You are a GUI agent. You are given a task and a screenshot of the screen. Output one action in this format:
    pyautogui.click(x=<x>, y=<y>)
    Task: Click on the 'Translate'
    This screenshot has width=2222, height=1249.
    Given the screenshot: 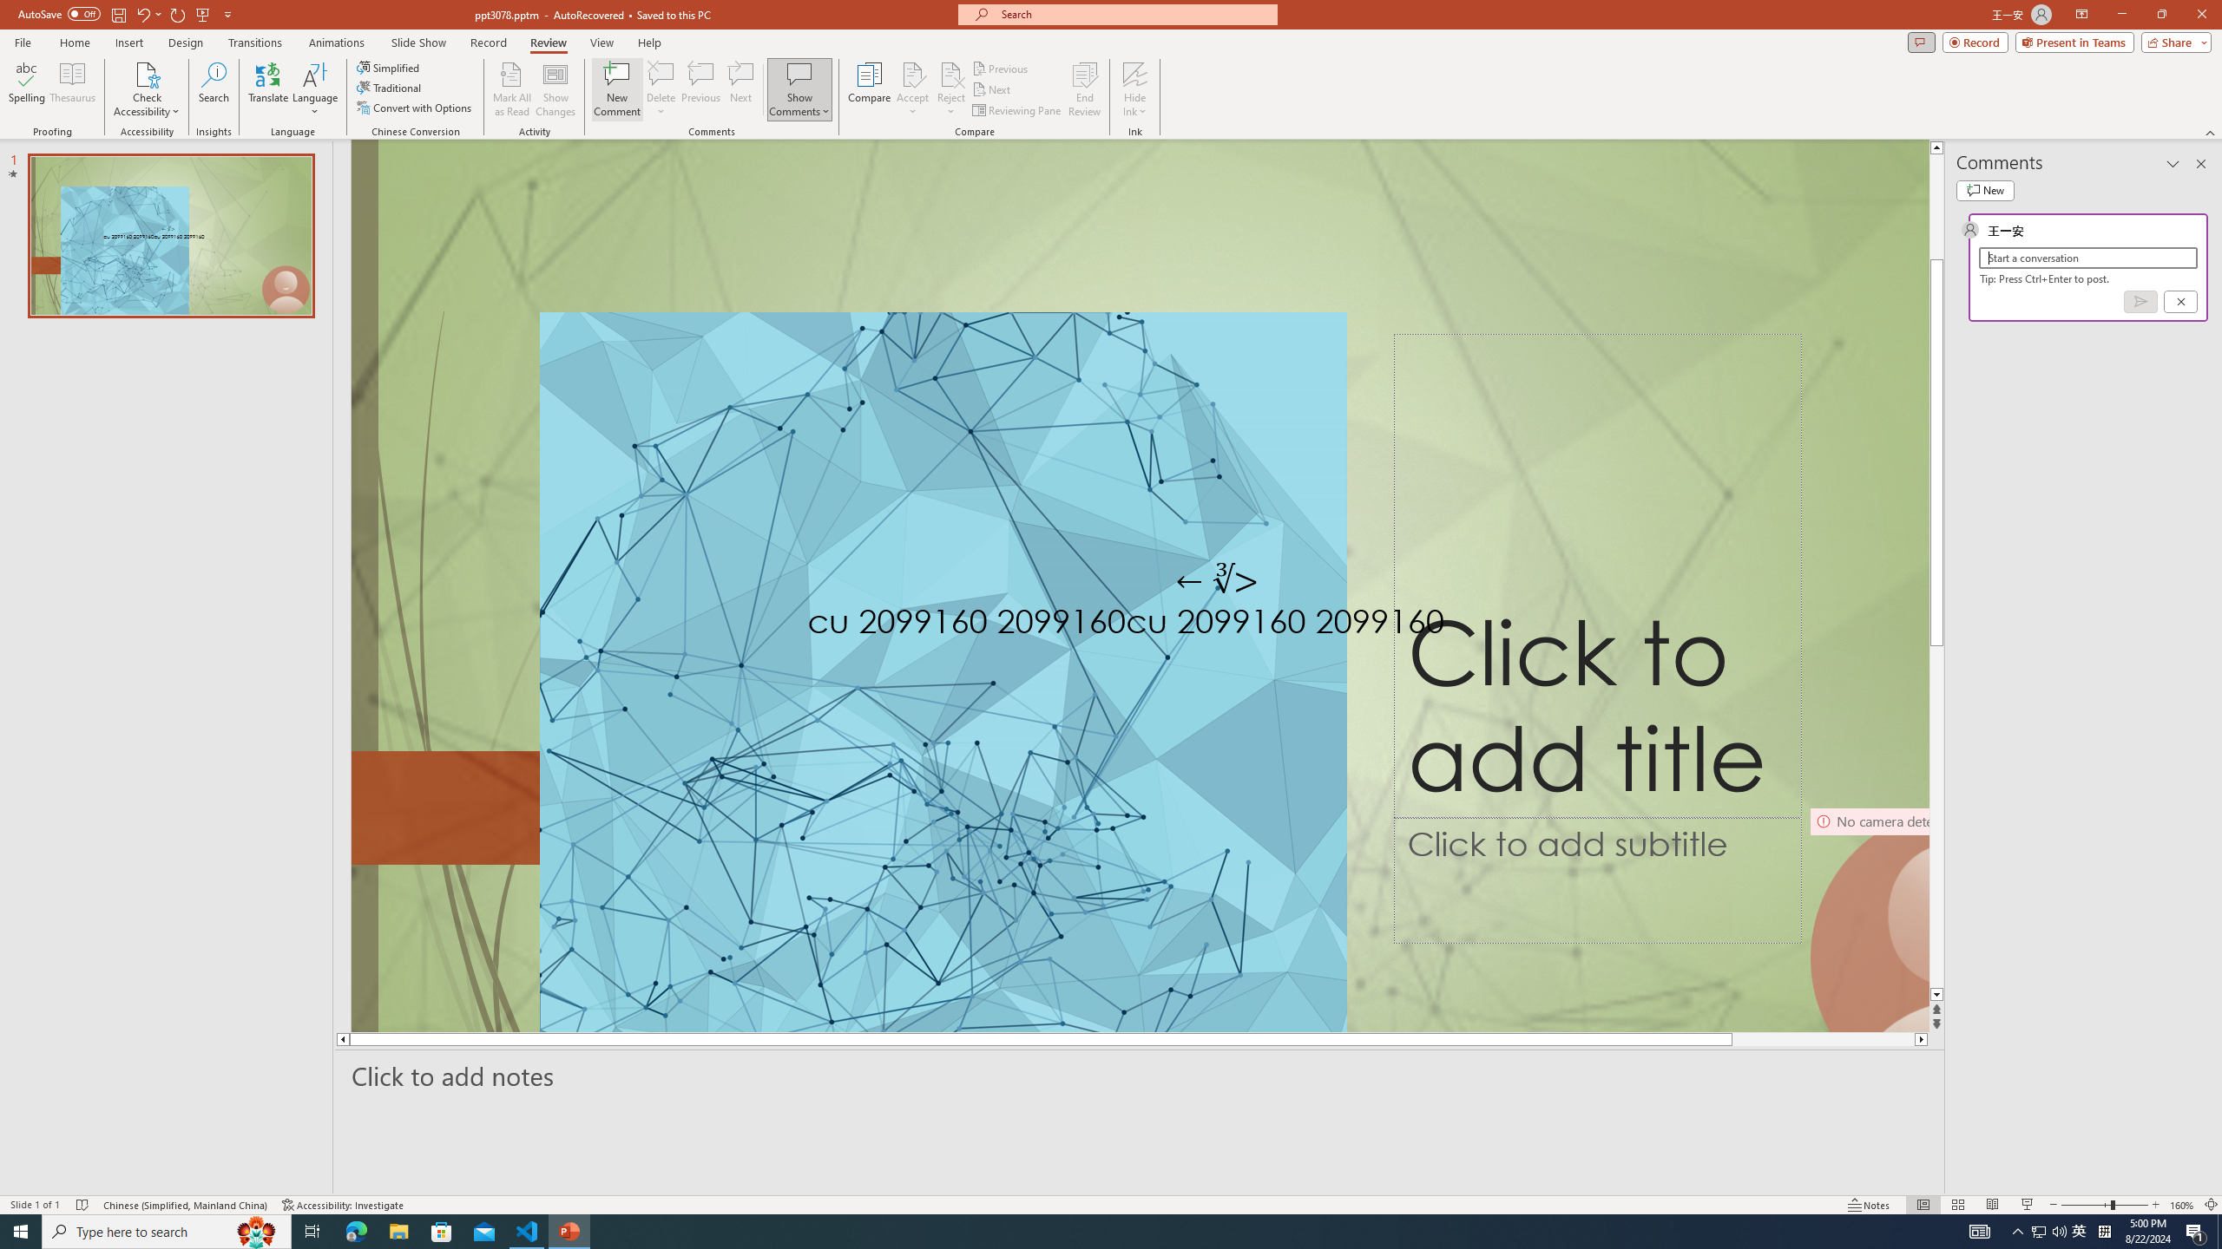 What is the action you would take?
    pyautogui.click(x=268, y=89)
    